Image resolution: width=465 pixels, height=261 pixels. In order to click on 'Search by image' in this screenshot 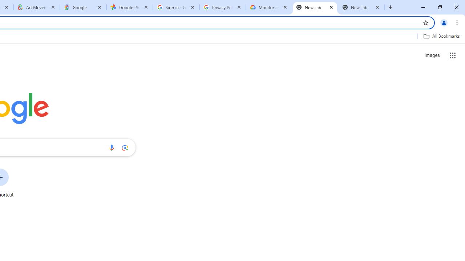, I will do `click(125, 147)`.